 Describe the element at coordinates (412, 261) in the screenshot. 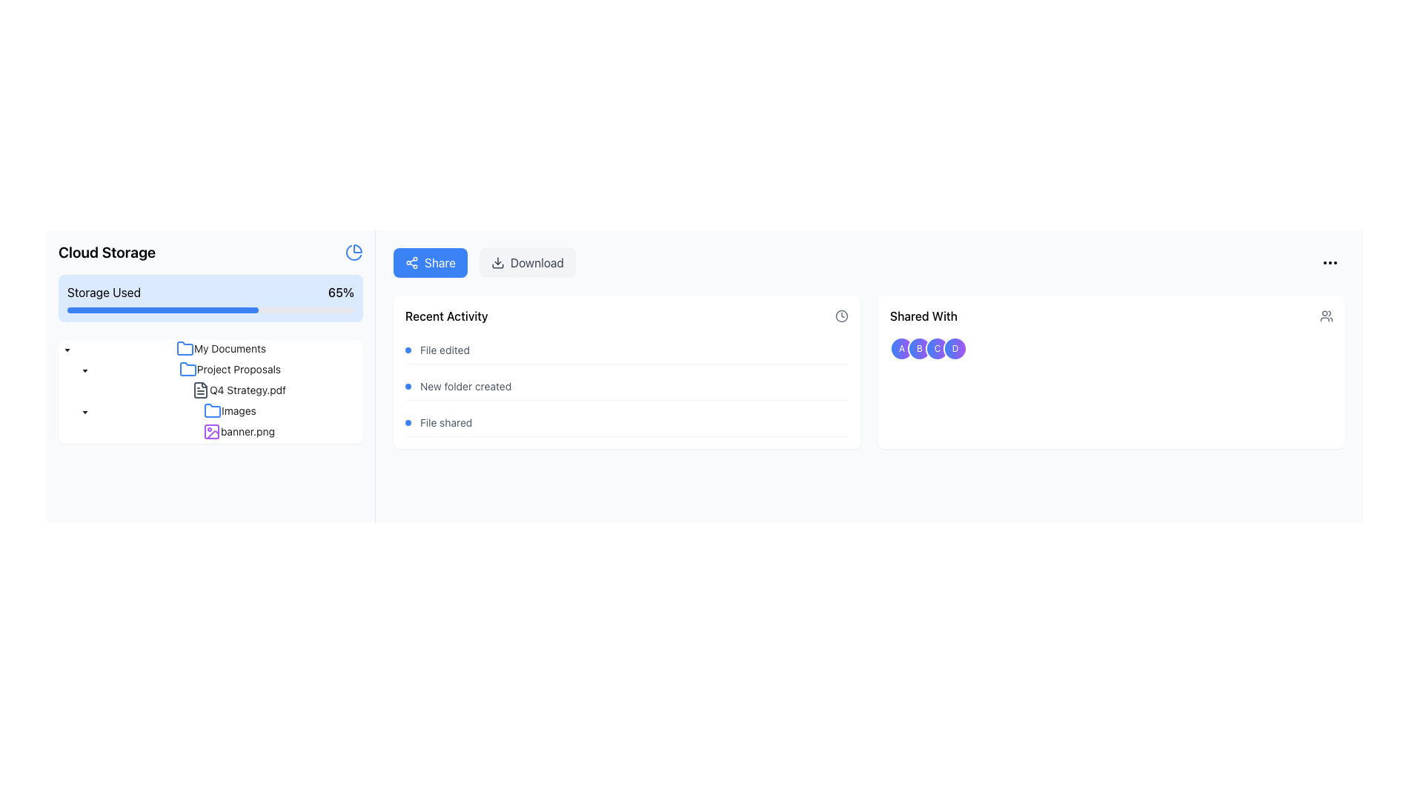

I see `the SVG icon associated with the 'Share' button located in the top middle section of the interface` at that location.